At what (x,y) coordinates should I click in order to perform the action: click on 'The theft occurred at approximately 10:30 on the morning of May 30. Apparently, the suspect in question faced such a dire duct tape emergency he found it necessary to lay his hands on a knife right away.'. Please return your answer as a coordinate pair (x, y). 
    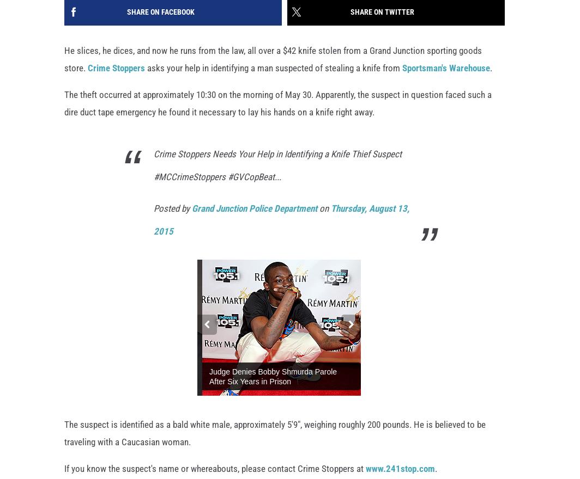
    Looking at the image, I should click on (277, 103).